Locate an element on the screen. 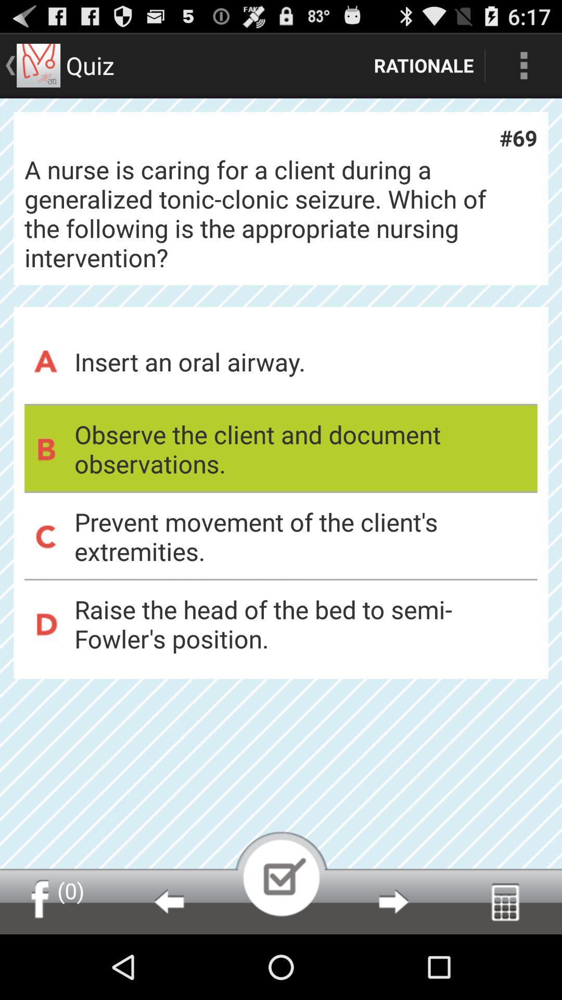 The width and height of the screenshot is (562, 1000). the arrow_forward icon is located at coordinates (393, 964).